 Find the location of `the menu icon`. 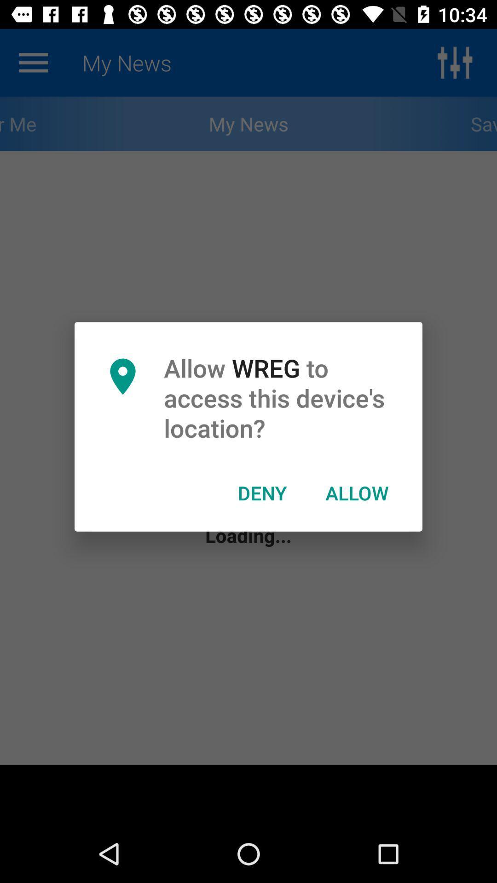

the menu icon is located at coordinates (33, 62).